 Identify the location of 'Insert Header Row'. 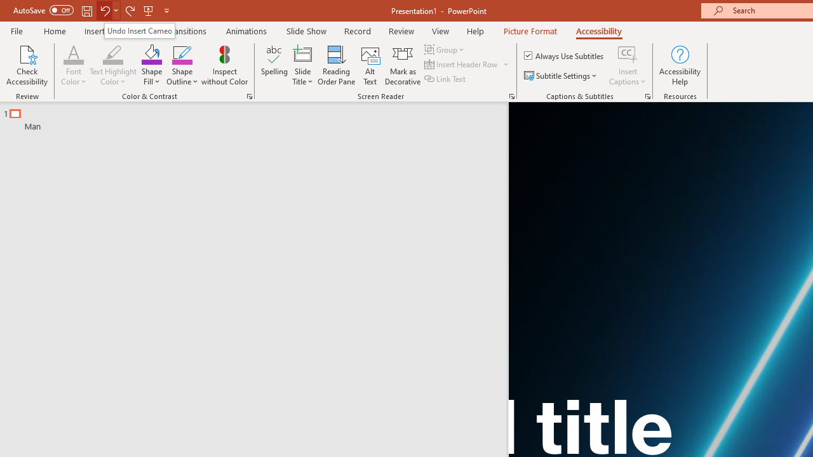
(461, 64).